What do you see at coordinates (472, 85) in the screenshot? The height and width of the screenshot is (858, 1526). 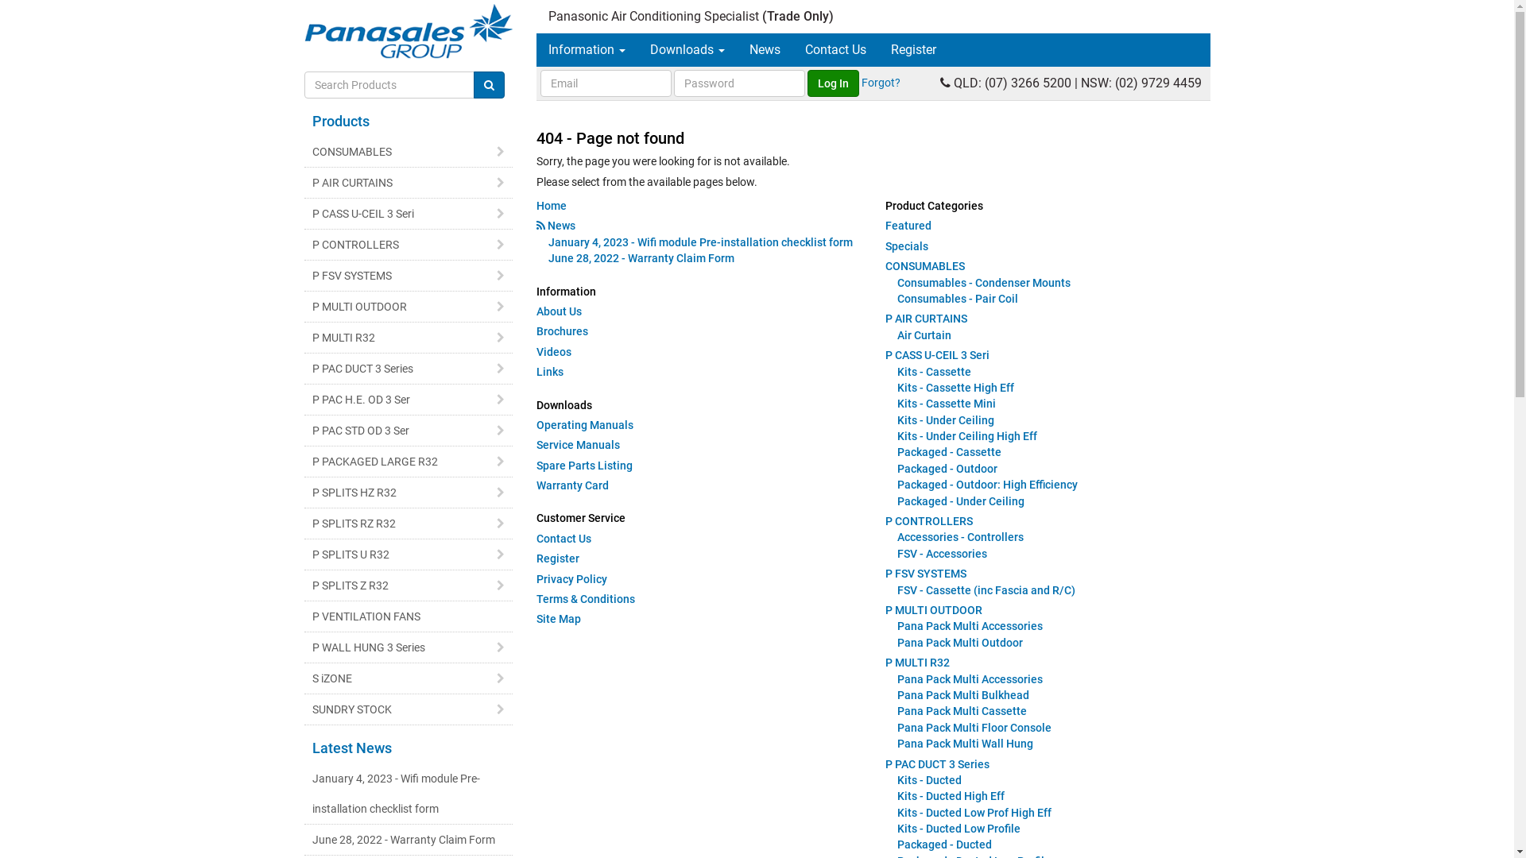 I see `'Search Products'` at bounding box center [472, 85].